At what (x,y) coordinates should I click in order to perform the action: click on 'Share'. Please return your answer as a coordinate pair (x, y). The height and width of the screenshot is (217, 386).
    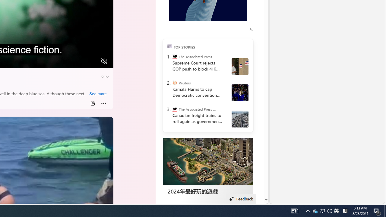
    Looking at the image, I should click on (92, 103).